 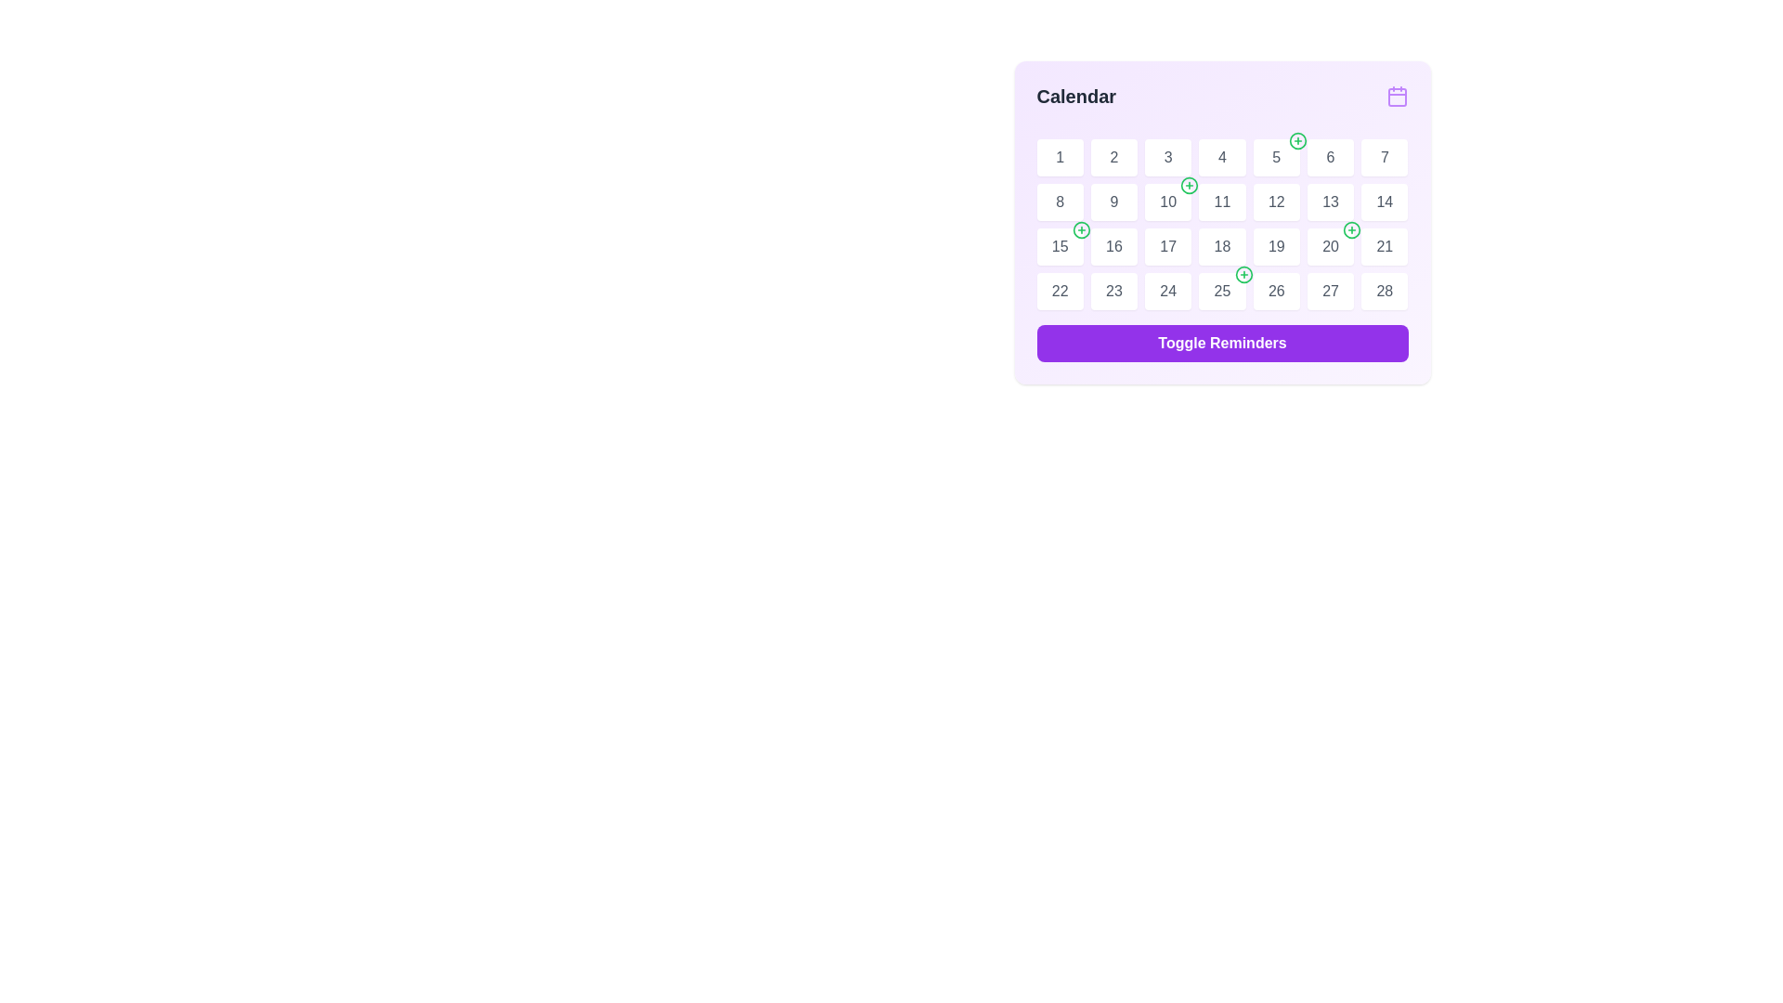 I want to click on the text box representing the 10th day in the calendar grid layout, so click(x=1167, y=202).